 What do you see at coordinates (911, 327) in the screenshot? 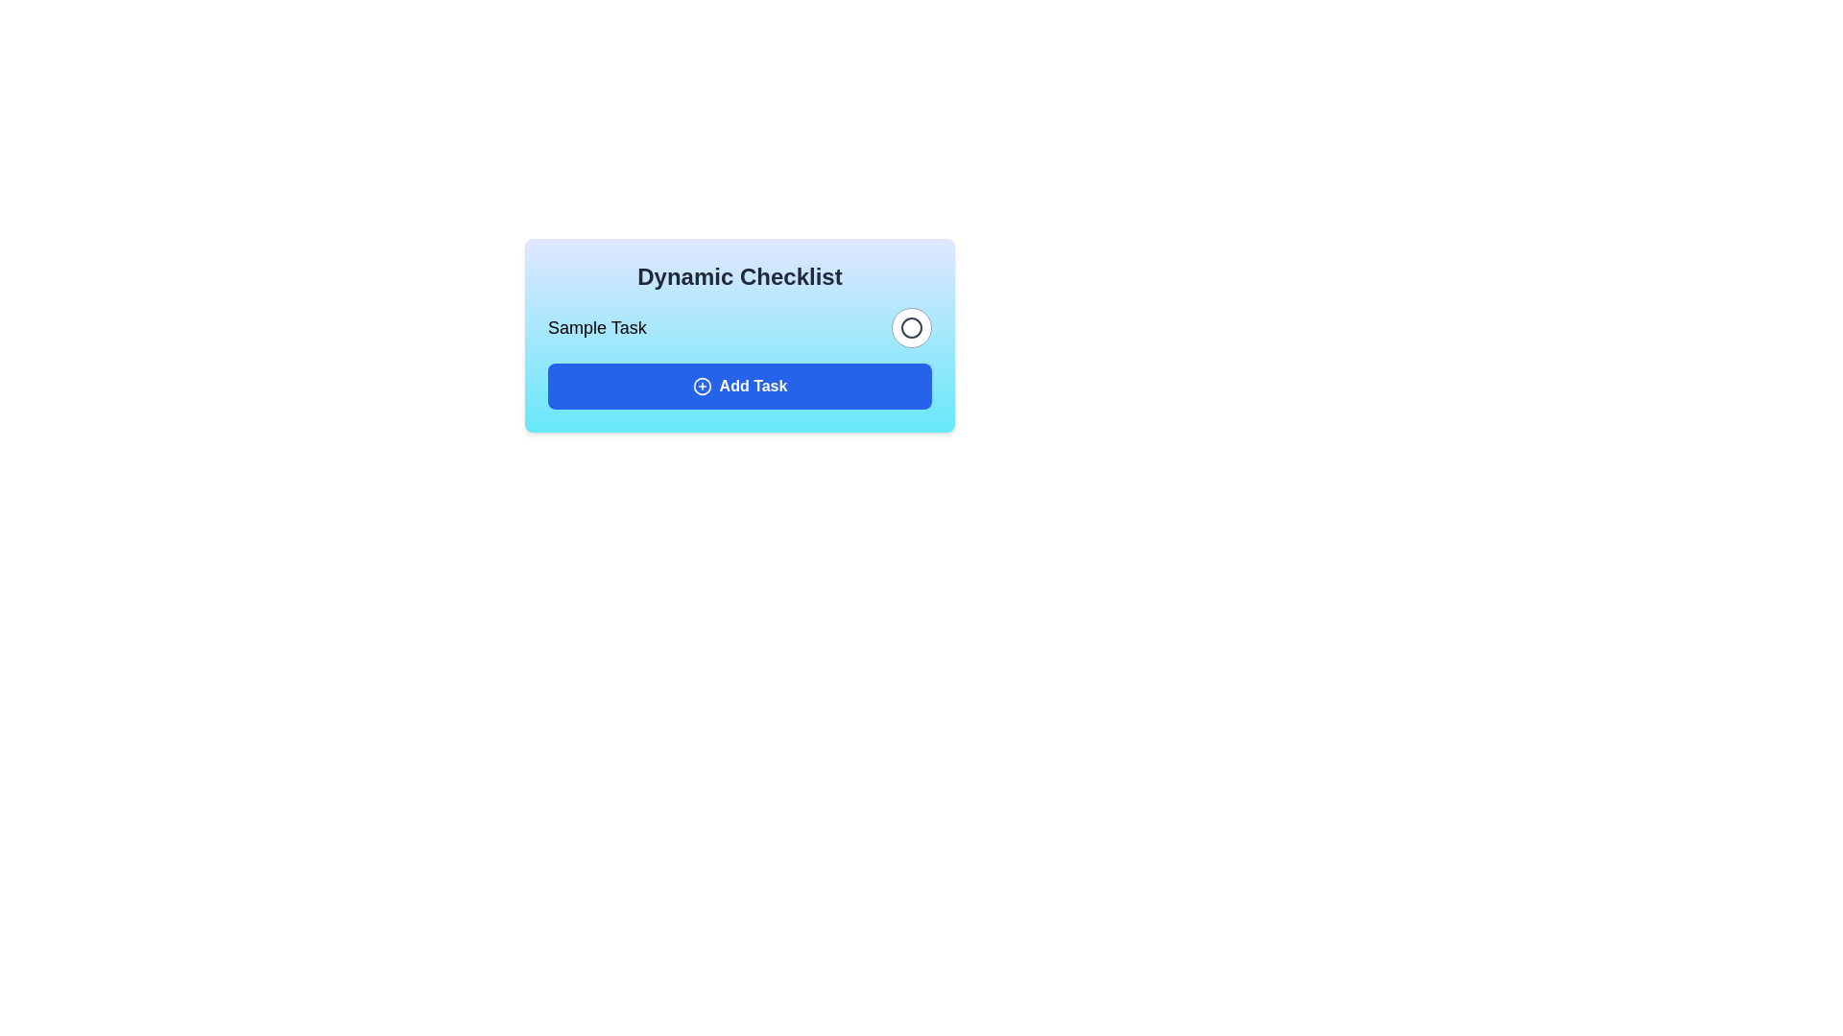
I see `the toggle button to change the completion status of the task` at bounding box center [911, 327].